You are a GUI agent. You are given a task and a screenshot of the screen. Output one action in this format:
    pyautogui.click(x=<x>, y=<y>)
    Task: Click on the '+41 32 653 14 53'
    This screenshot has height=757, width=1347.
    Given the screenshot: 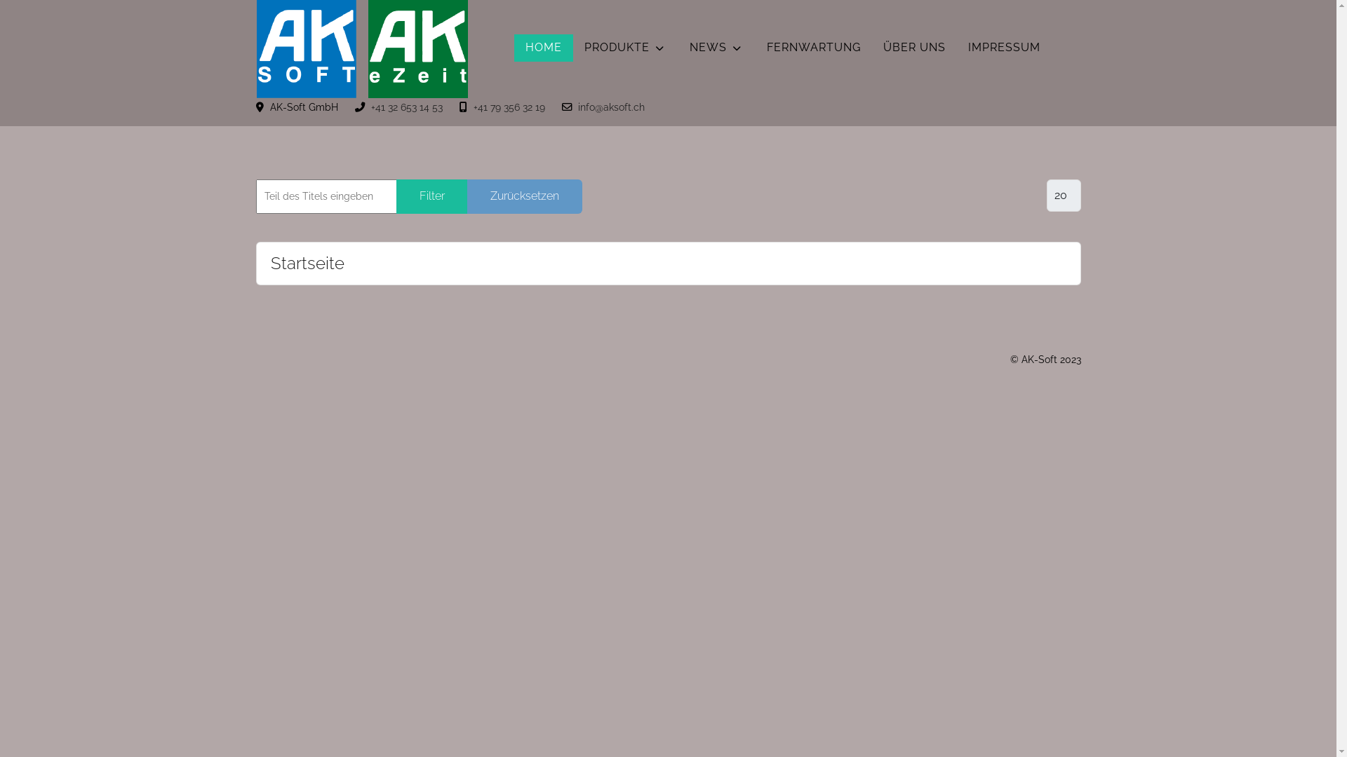 What is the action you would take?
    pyautogui.click(x=406, y=106)
    